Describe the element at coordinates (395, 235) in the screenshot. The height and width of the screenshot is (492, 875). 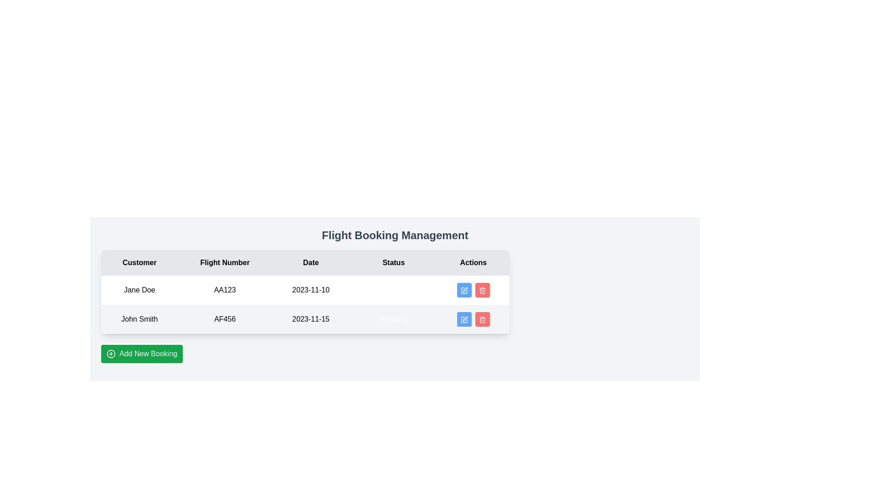
I see `heading text 'Flight Booking Management' which is prominently displayed in a bold and large font at the top of the section` at that location.